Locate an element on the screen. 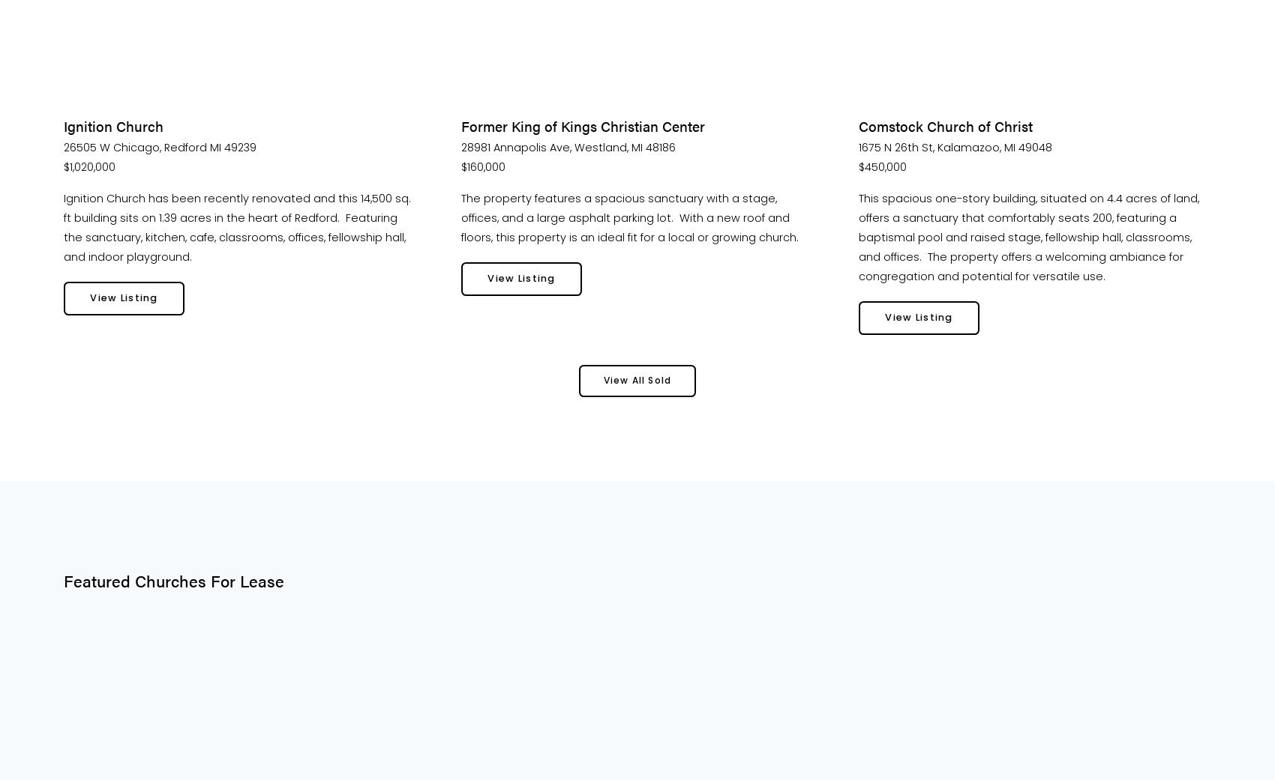 The width and height of the screenshot is (1275, 780). '$160,000' is located at coordinates (483, 166).